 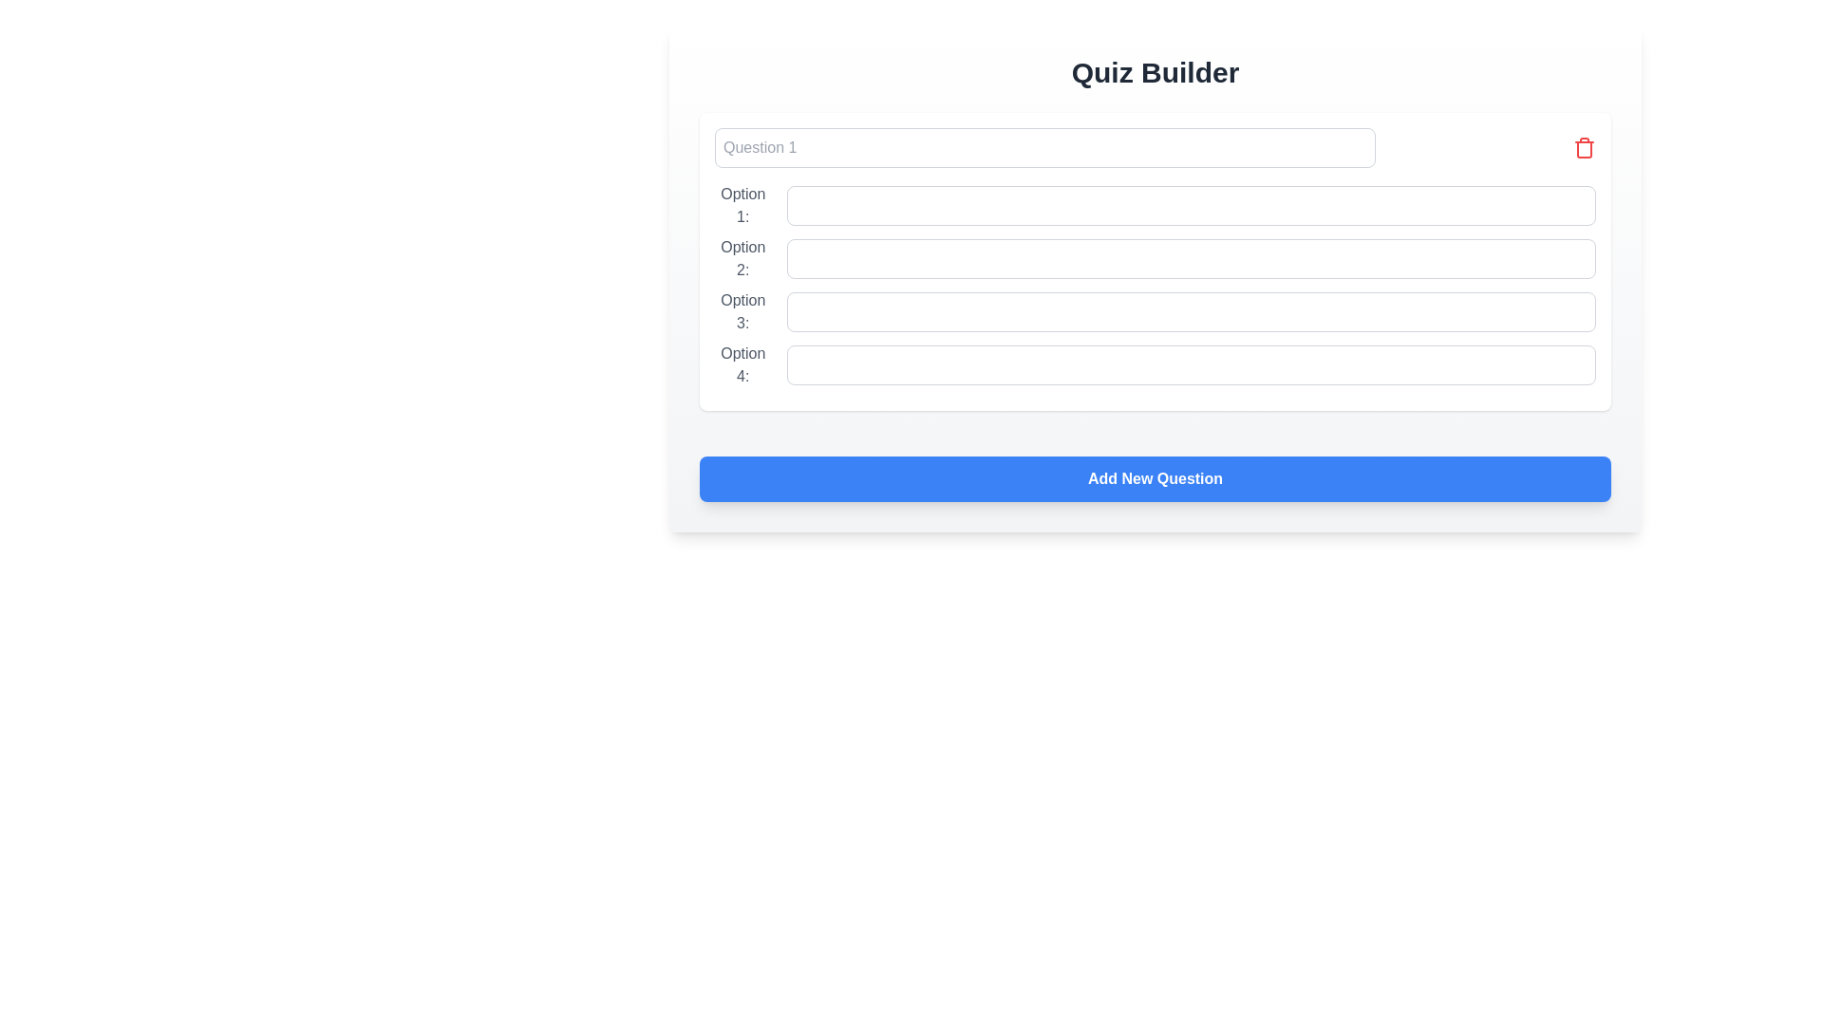 What do you see at coordinates (1155, 310) in the screenshot?
I see `the input field for the third option in the quiz question to focus on it` at bounding box center [1155, 310].